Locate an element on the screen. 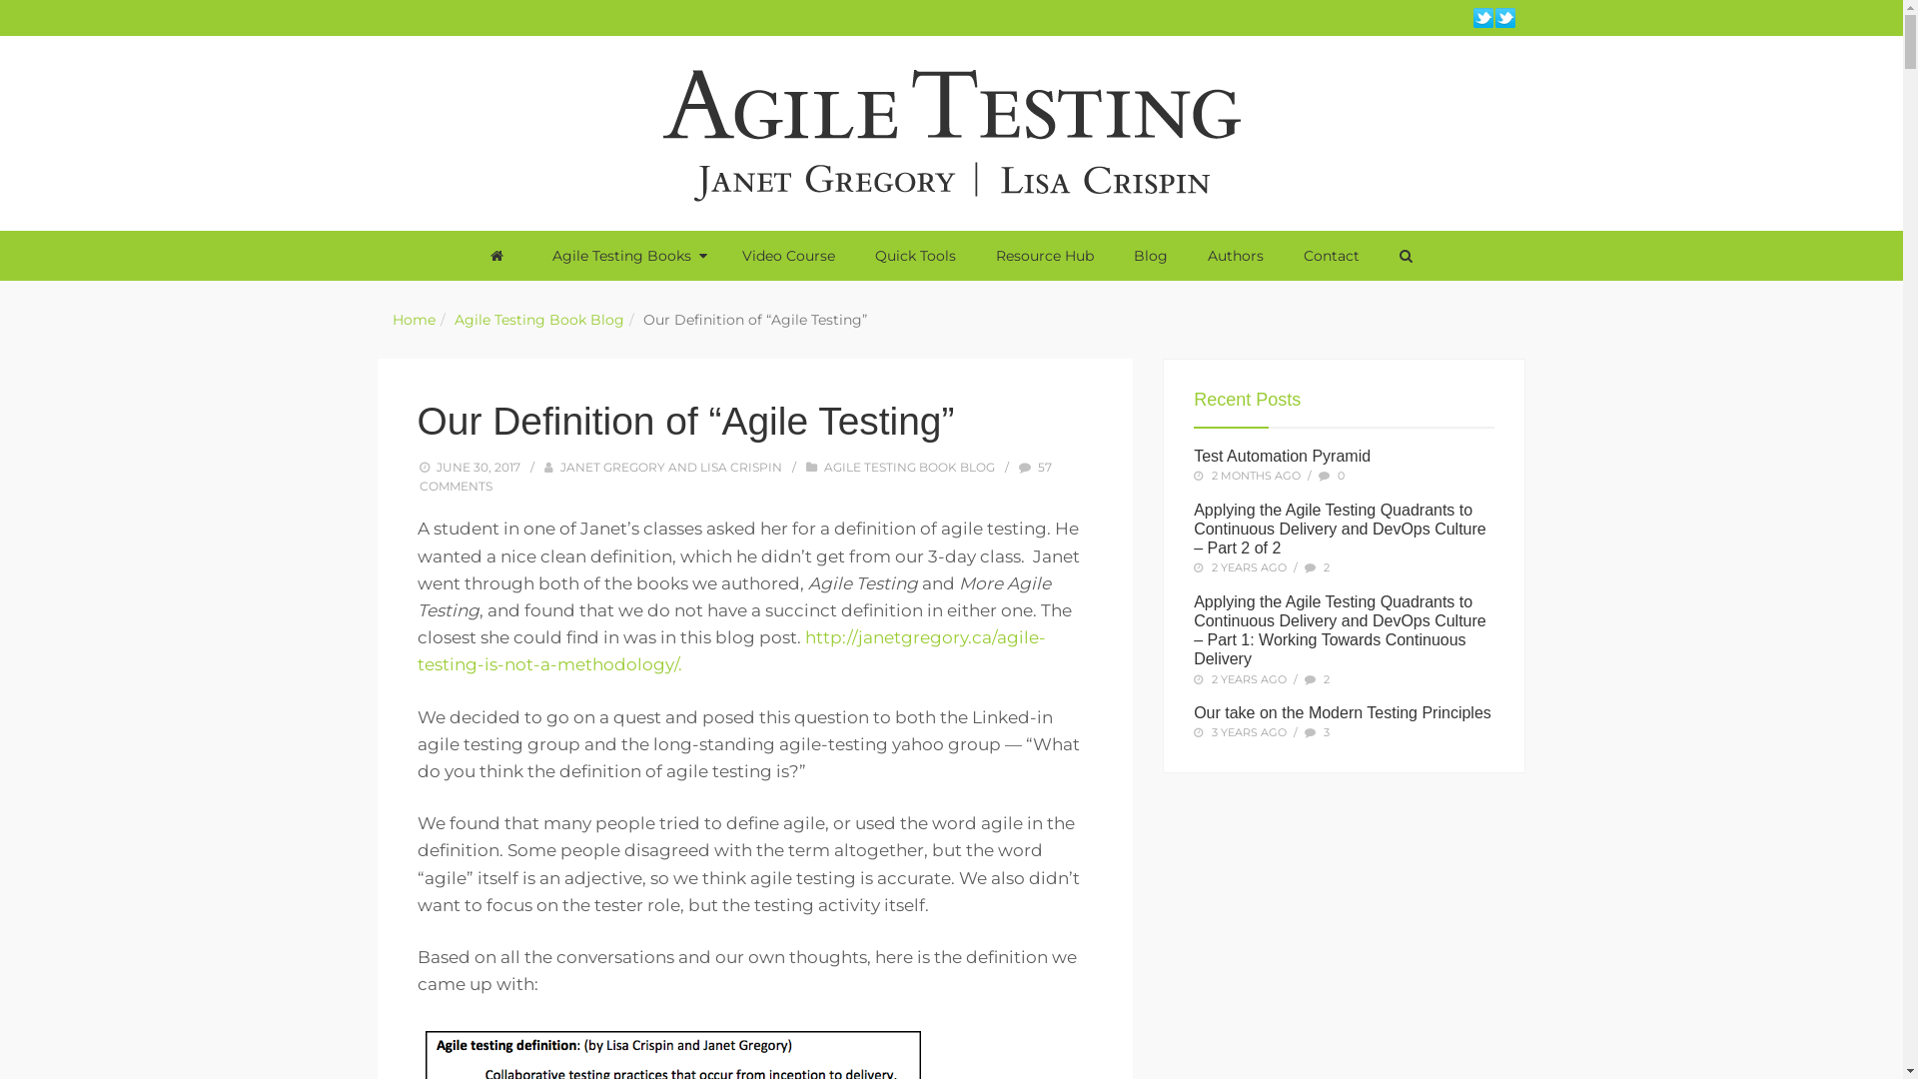 This screenshot has width=1918, height=1079. '3' is located at coordinates (1327, 731).